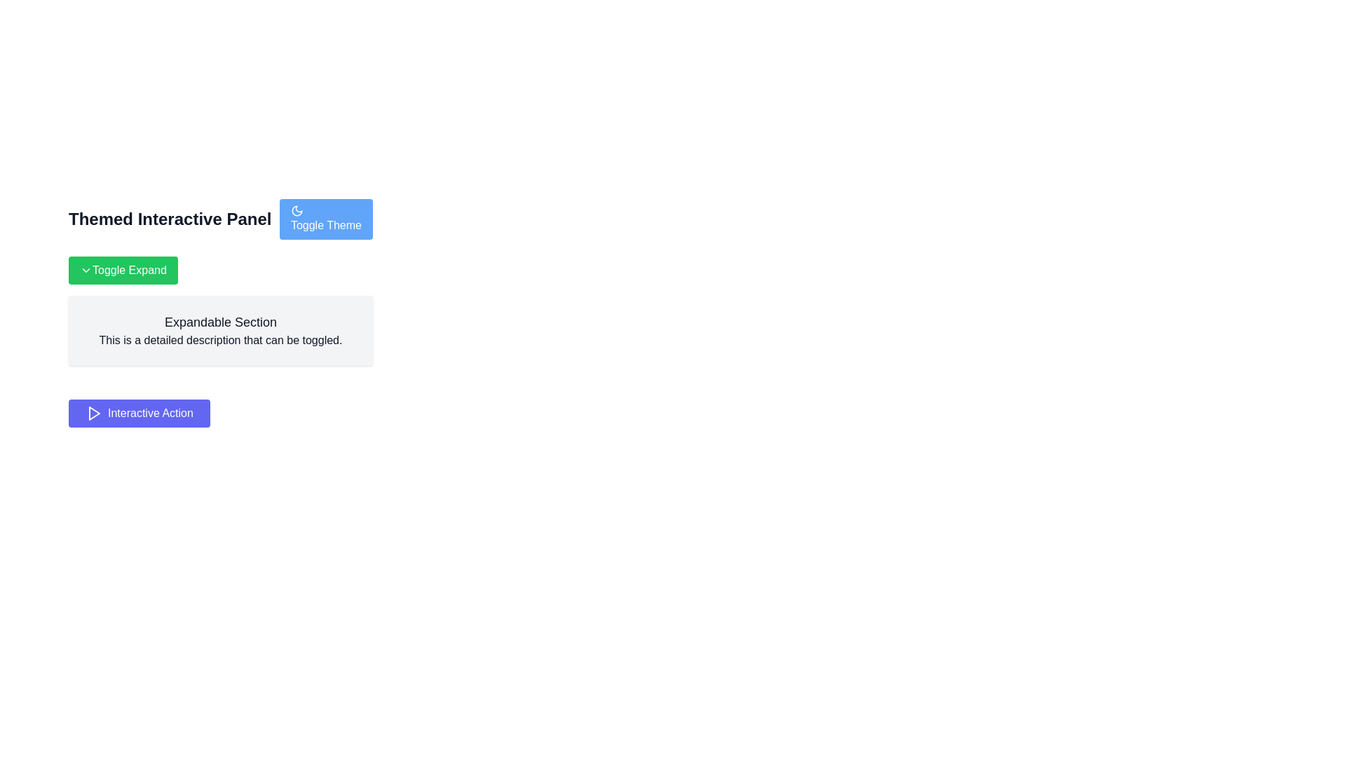 The width and height of the screenshot is (1346, 757). What do you see at coordinates (86, 270) in the screenshot?
I see `the downward-pointing chevron icon inside the 'Toggle Expand' button located in the upper-left area of the panel` at bounding box center [86, 270].